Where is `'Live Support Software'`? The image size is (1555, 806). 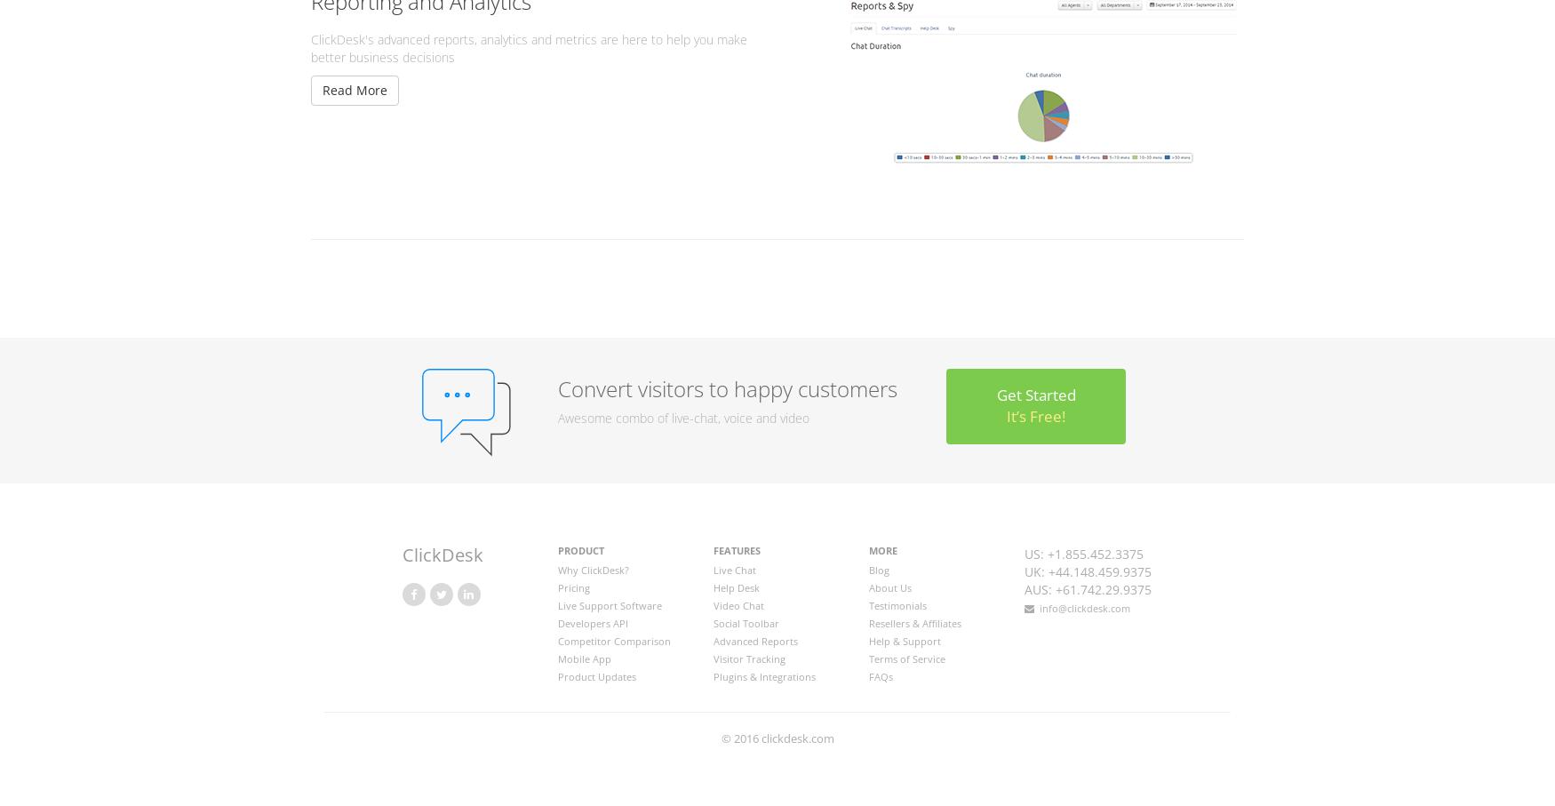 'Live Support Software' is located at coordinates (608, 603).